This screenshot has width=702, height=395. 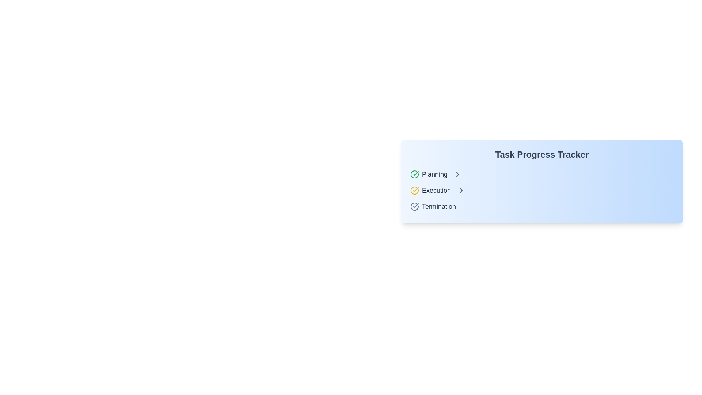 I want to click on text of the label displaying 'Planning', which is a prominent gray bold text located in a horizontal row, positioned between a green checkmark icon on the left and a right-arrow chevron on the right, so click(x=435, y=174).